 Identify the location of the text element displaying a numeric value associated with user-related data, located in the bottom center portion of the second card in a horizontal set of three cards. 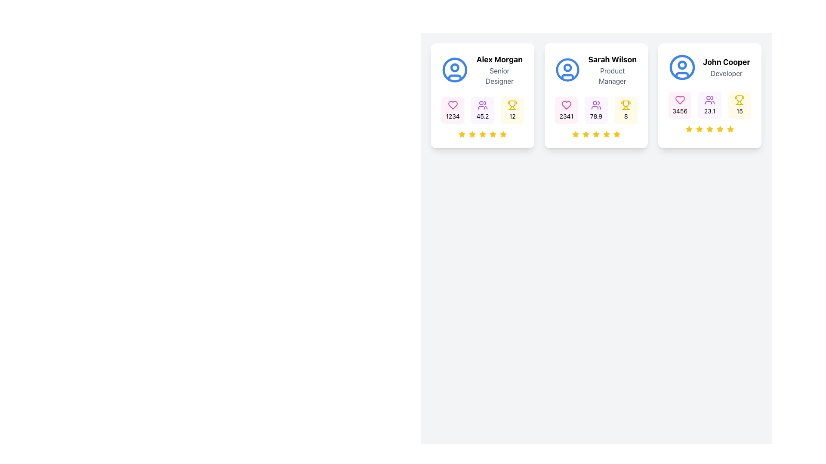
(596, 116).